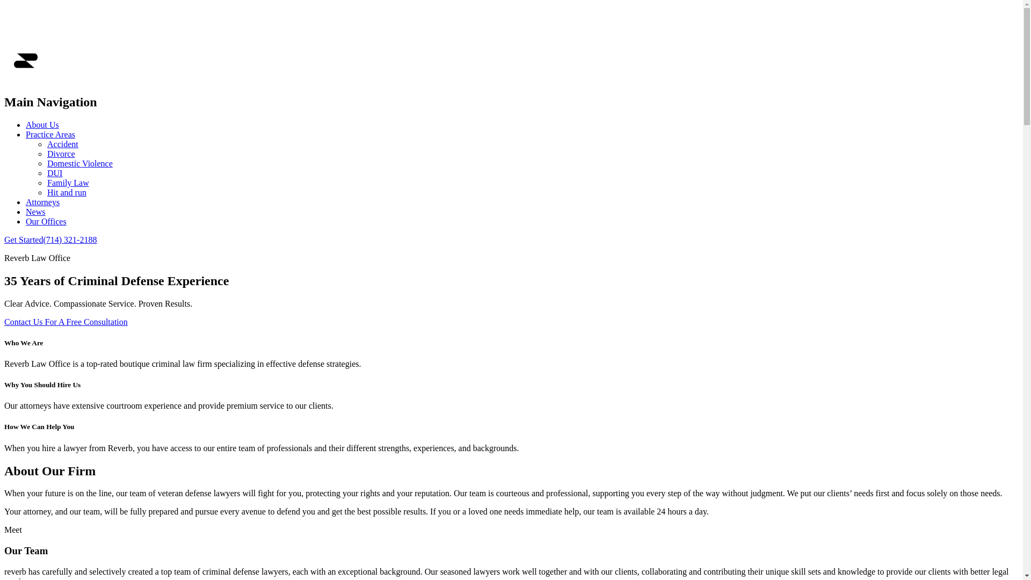  I want to click on 'Hit and run', so click(66, 192).